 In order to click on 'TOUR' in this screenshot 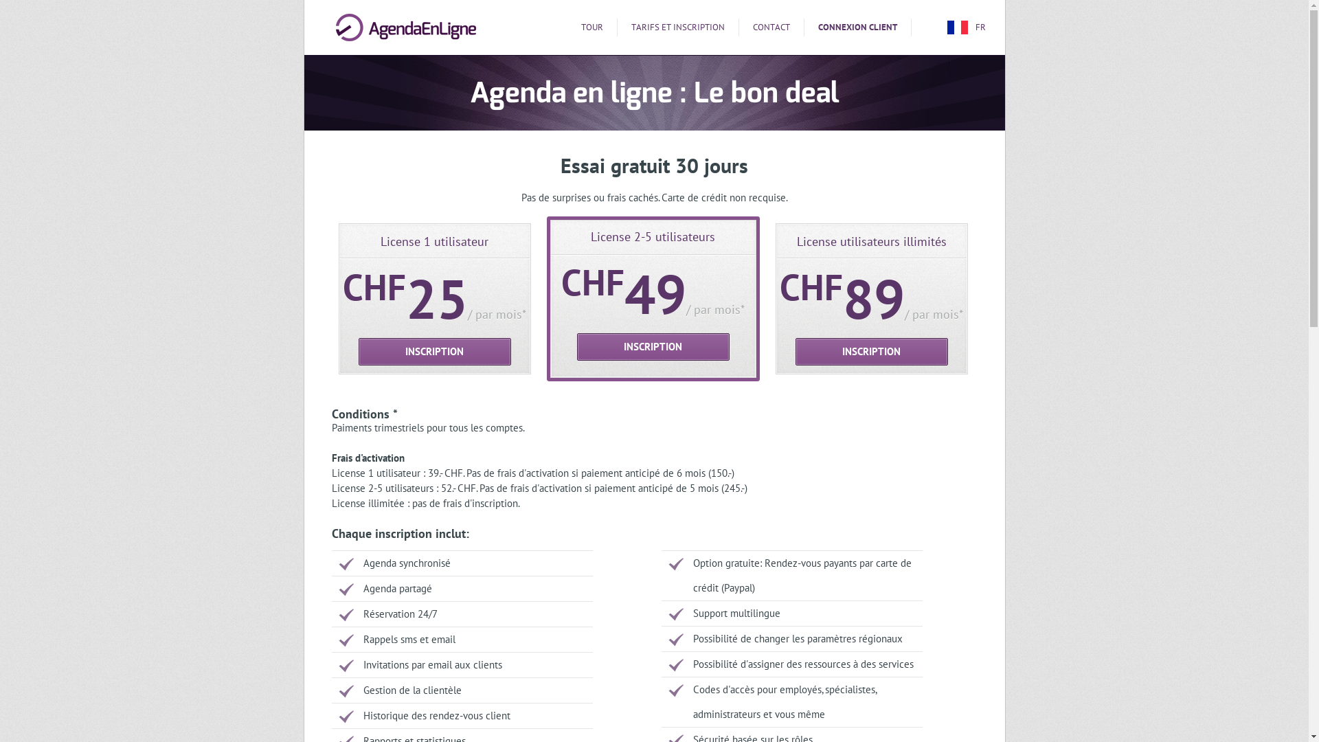, I will do `click(592, 27)`.